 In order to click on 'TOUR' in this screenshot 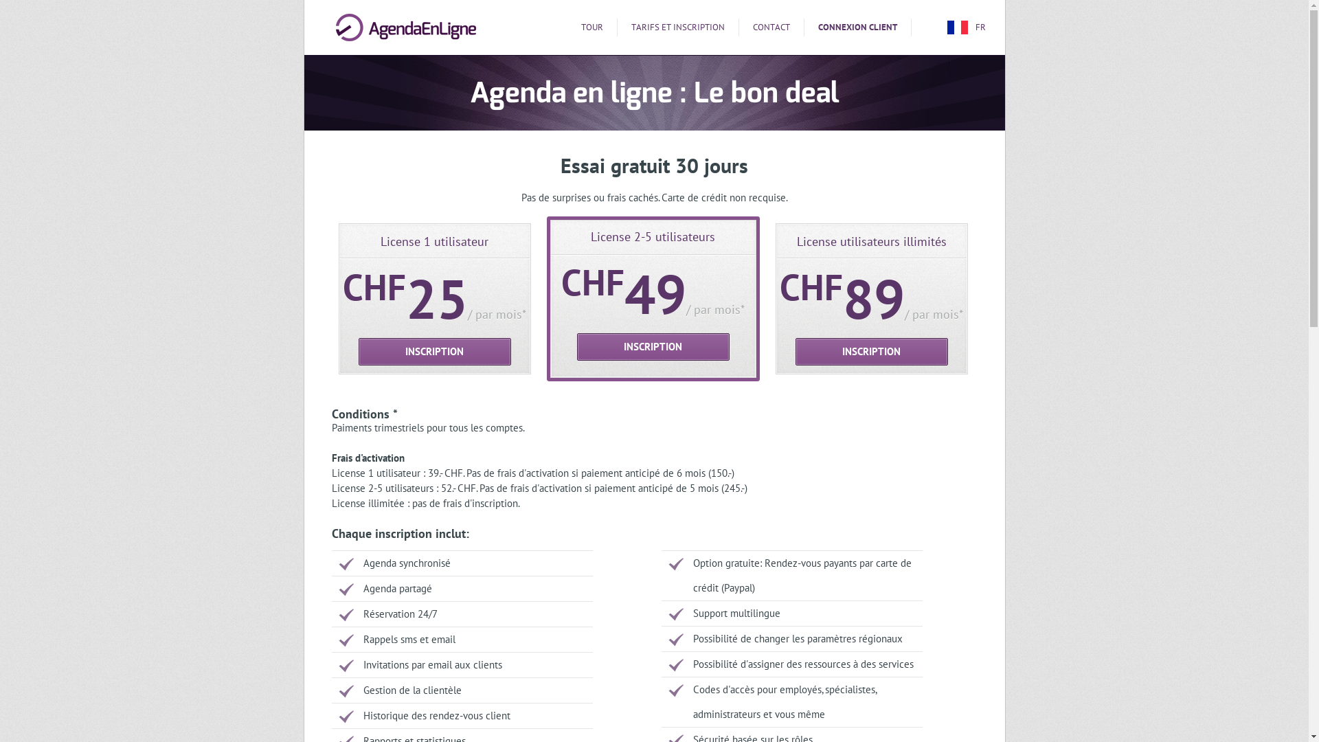, I will do `click(592, 27)`.